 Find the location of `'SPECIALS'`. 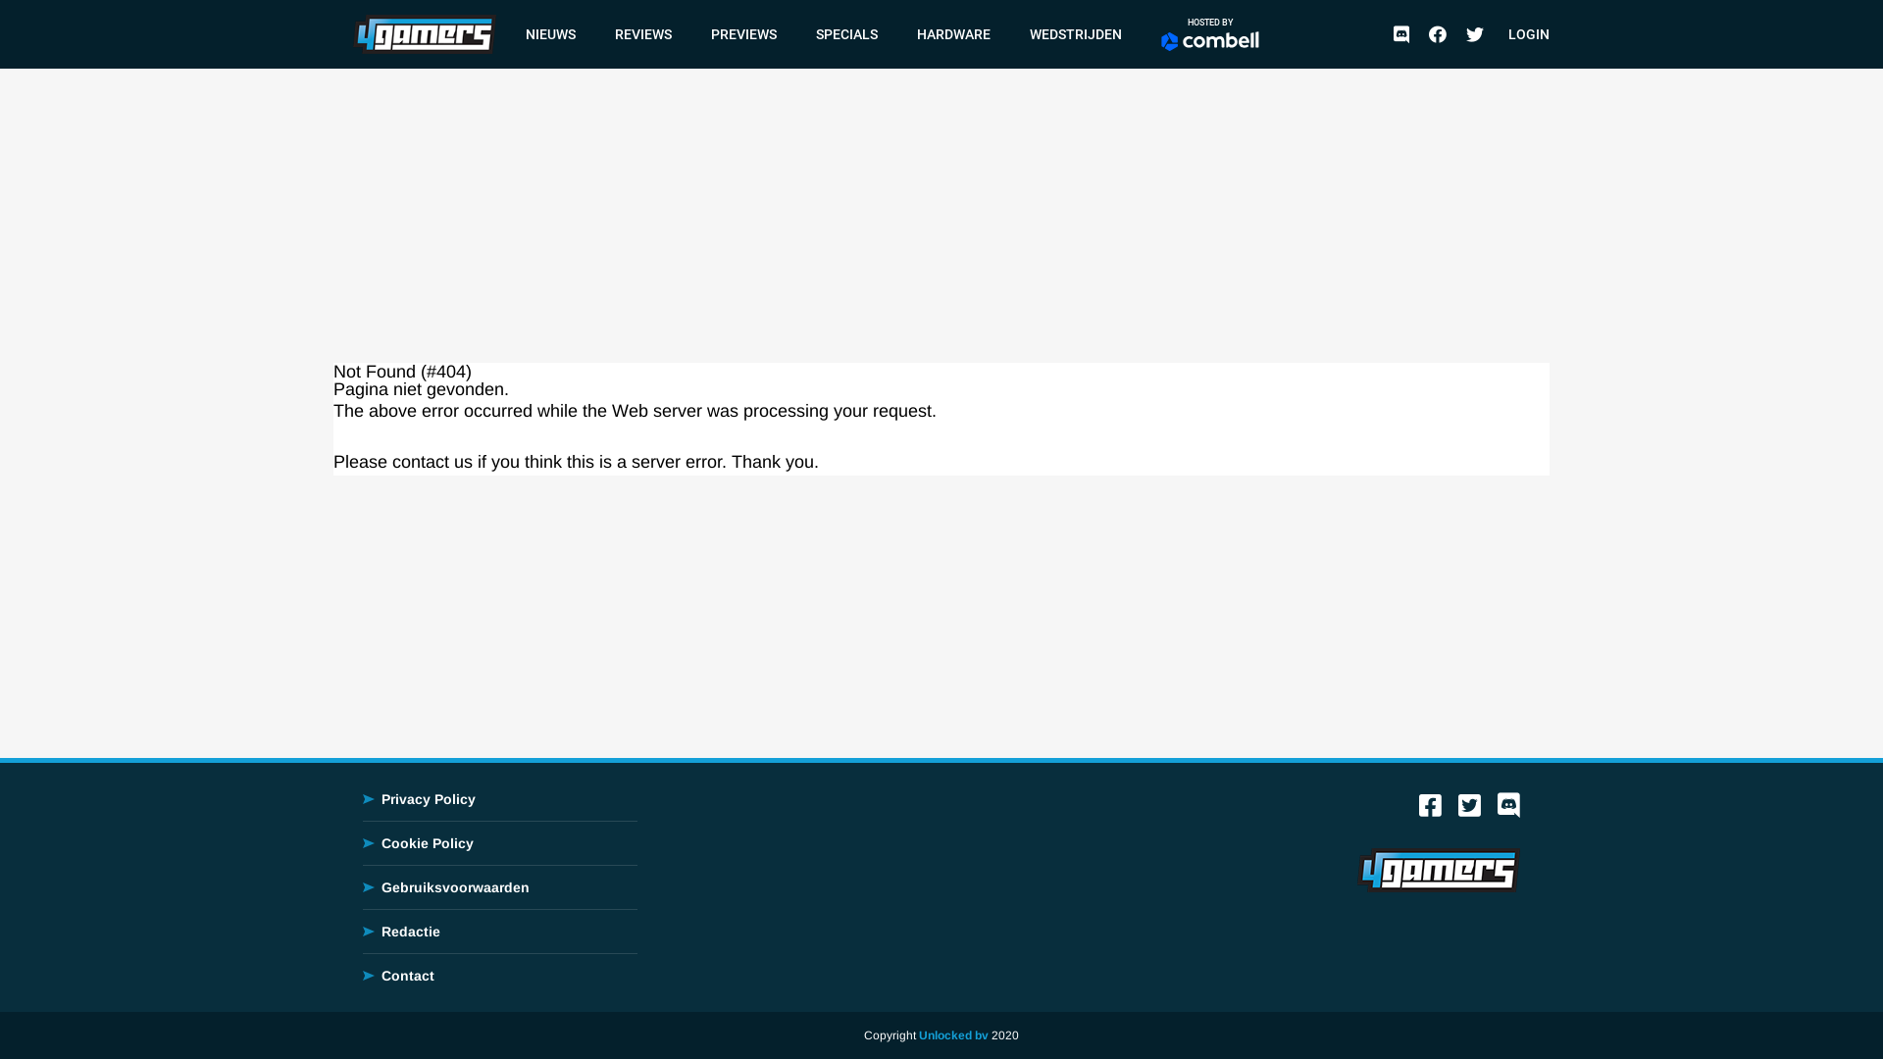

'SPECIALS' is located at coordinates (846, 33).